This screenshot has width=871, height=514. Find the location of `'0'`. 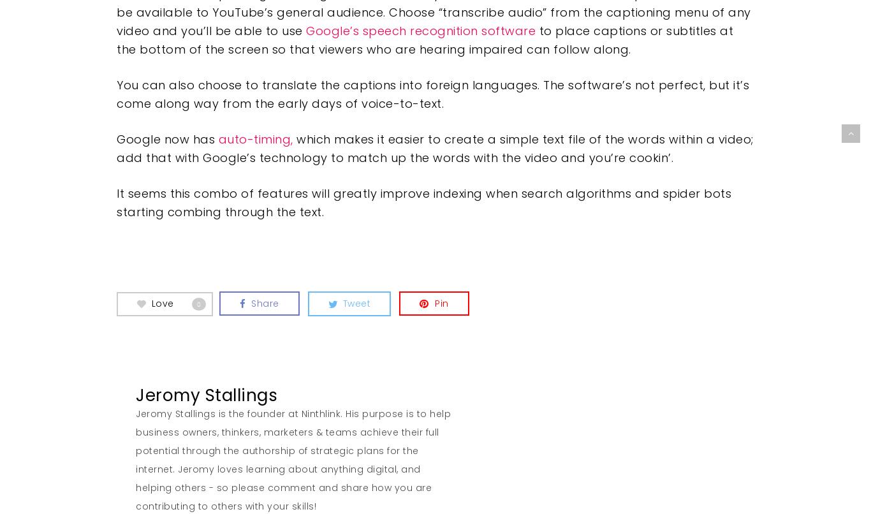

'0' is located at coordinates (198, 303).